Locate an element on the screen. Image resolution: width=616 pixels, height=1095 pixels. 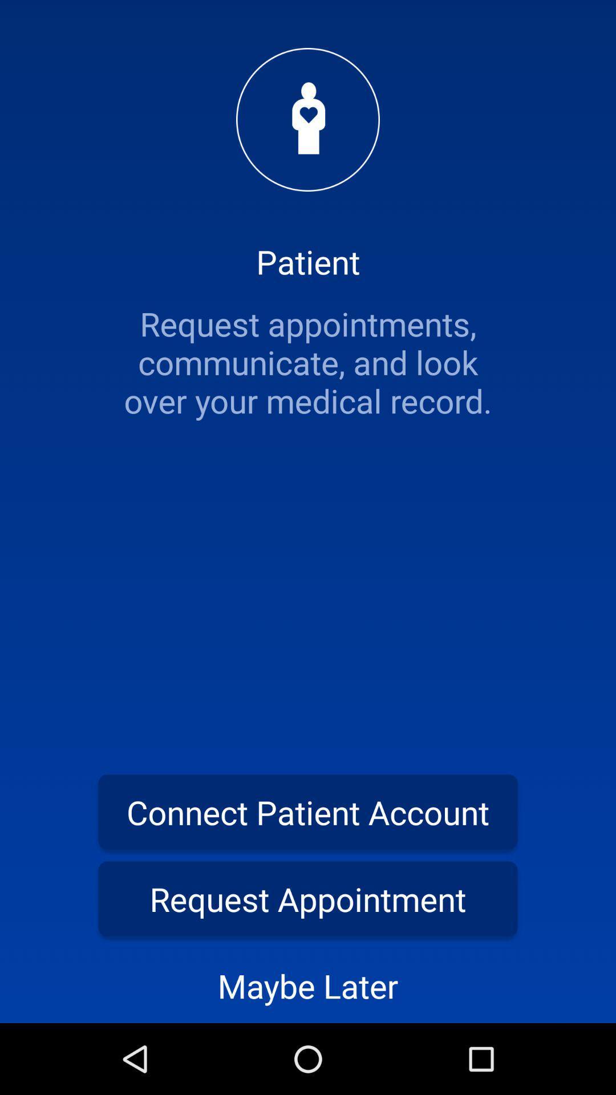
request appointment item is located at coordinates (308, 898).